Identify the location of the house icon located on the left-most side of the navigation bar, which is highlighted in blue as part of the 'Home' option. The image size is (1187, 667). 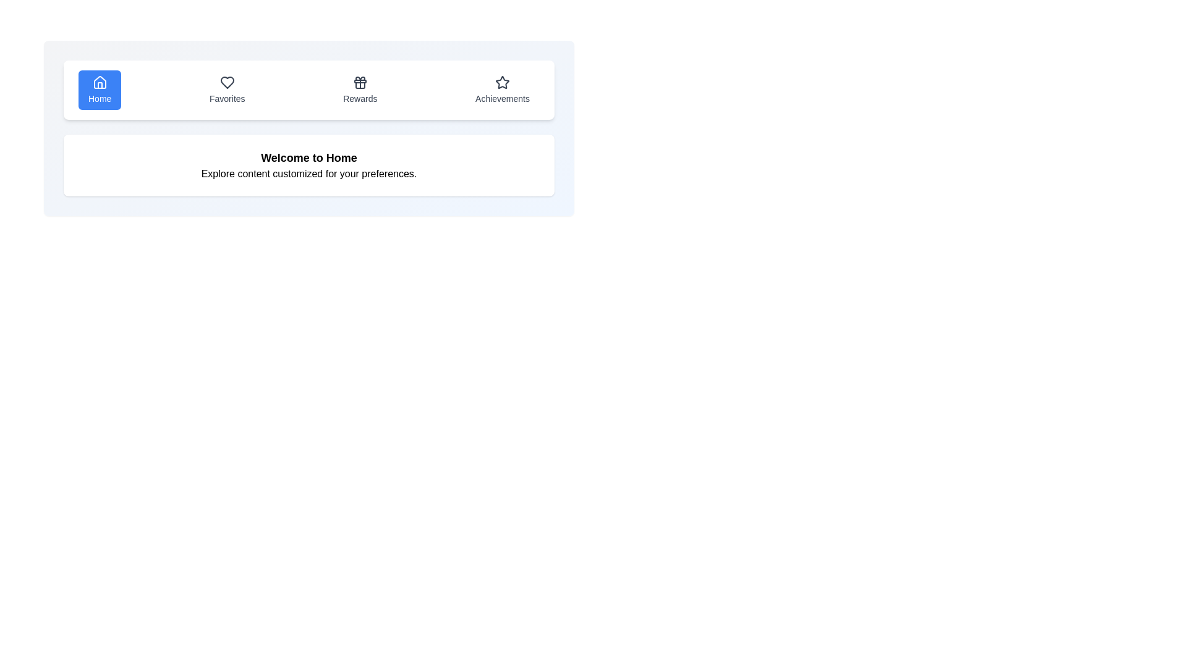
(100, 82).